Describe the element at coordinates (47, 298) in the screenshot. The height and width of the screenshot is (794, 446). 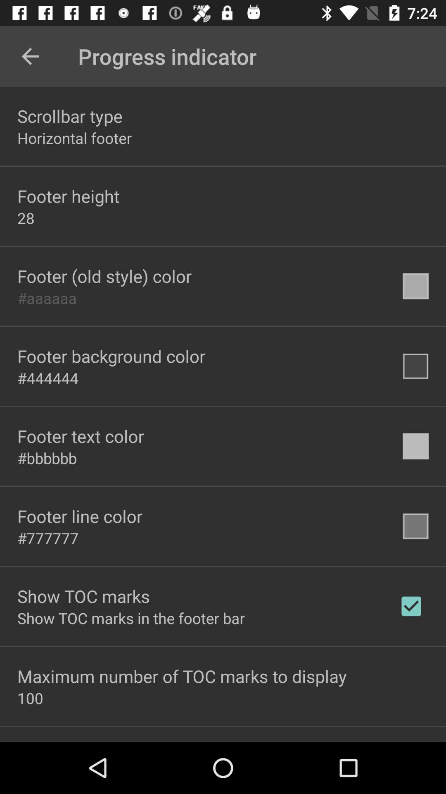
I see `the icon below footer old style icon` at that location.